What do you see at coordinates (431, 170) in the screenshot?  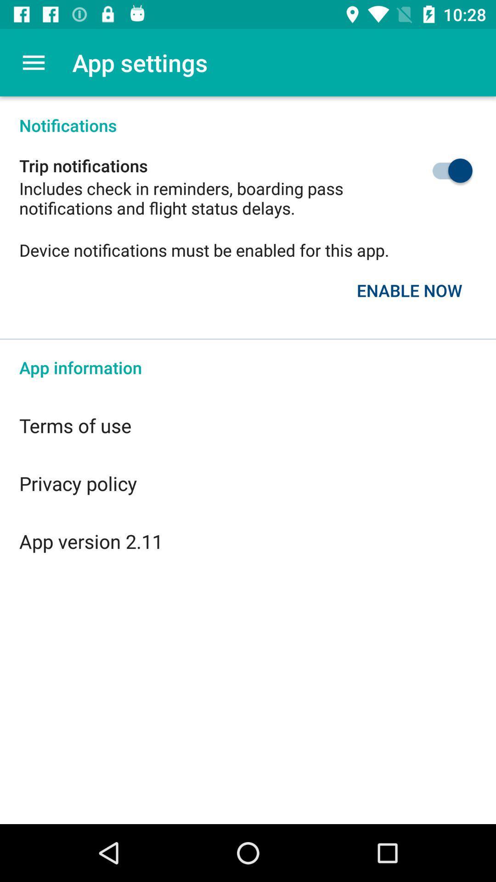 I see `trip notifications` at bounding box center [431, 170].